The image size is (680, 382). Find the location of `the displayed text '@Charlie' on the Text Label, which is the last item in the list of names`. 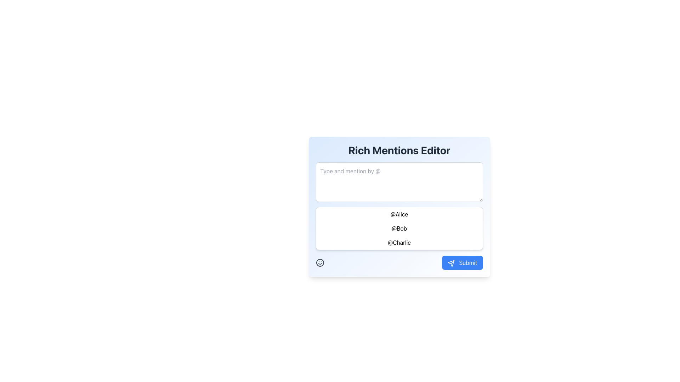

the displayed text '@Charlie' on the Text Label, which is the last item in the list of names is located at coordinates (399, 242).